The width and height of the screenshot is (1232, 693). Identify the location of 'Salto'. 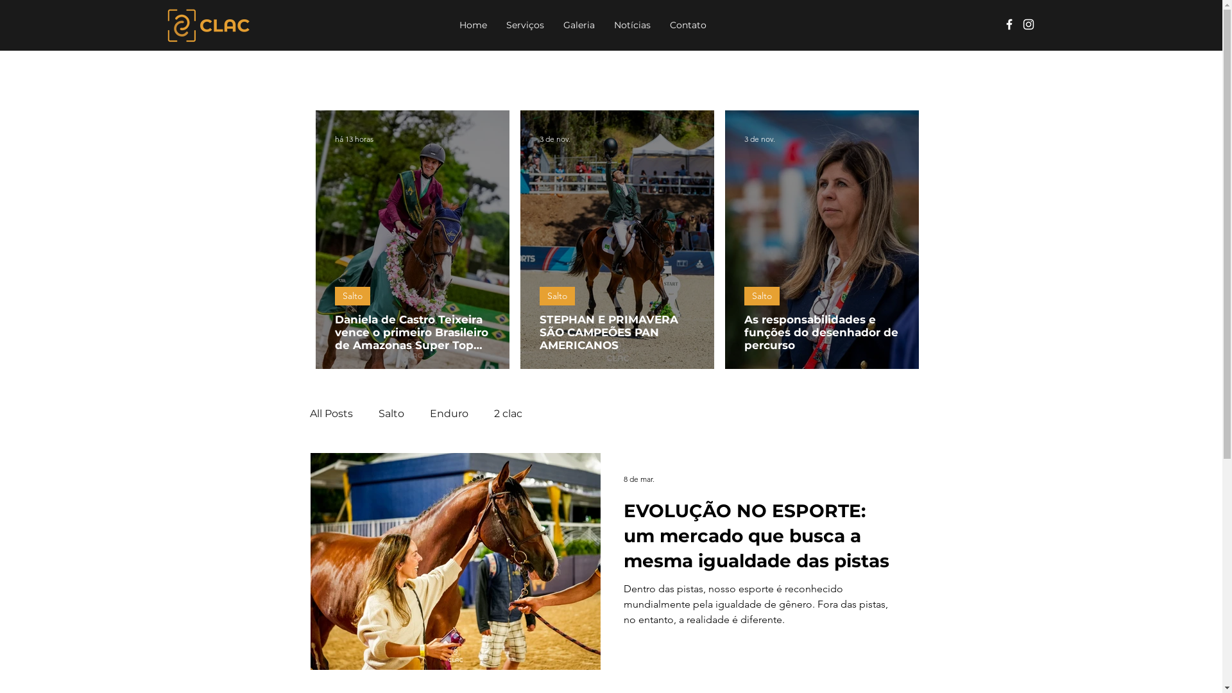
(352, 296).